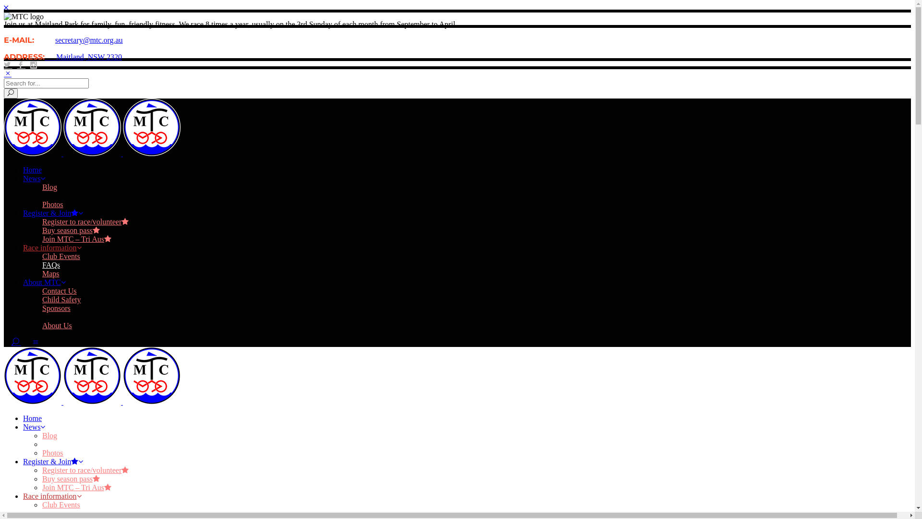 This screenshot has height=519, width=922. I want to click on 'Blog', so click(49, 435).